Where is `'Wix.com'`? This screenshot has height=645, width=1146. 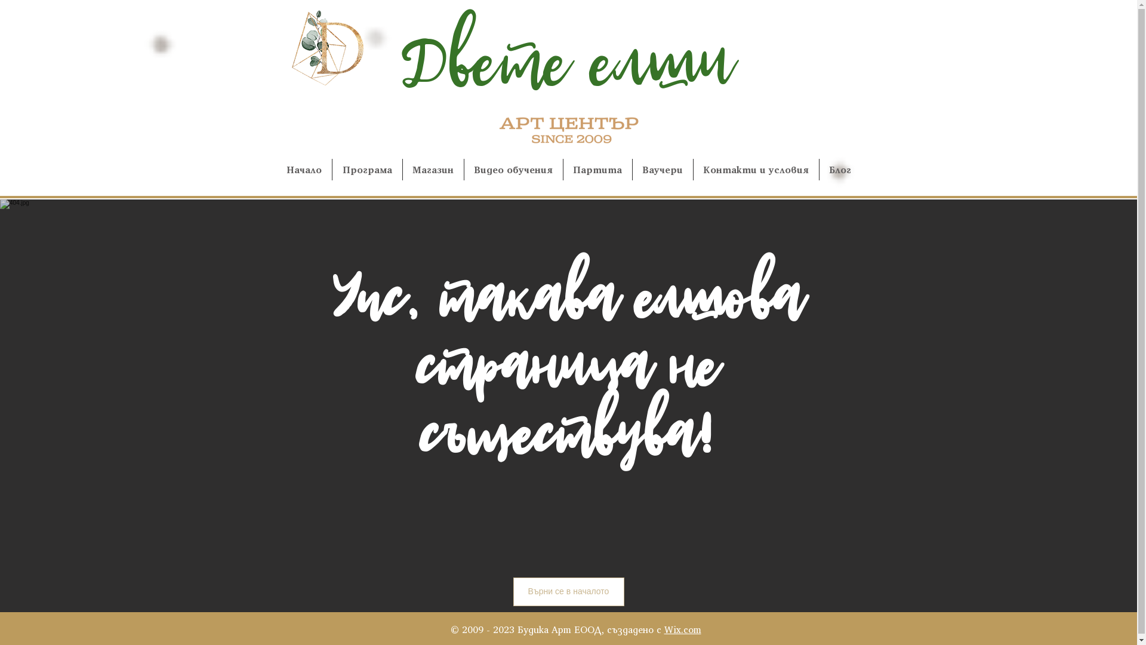
'Wix.com' is located at coordinates (682, 628).